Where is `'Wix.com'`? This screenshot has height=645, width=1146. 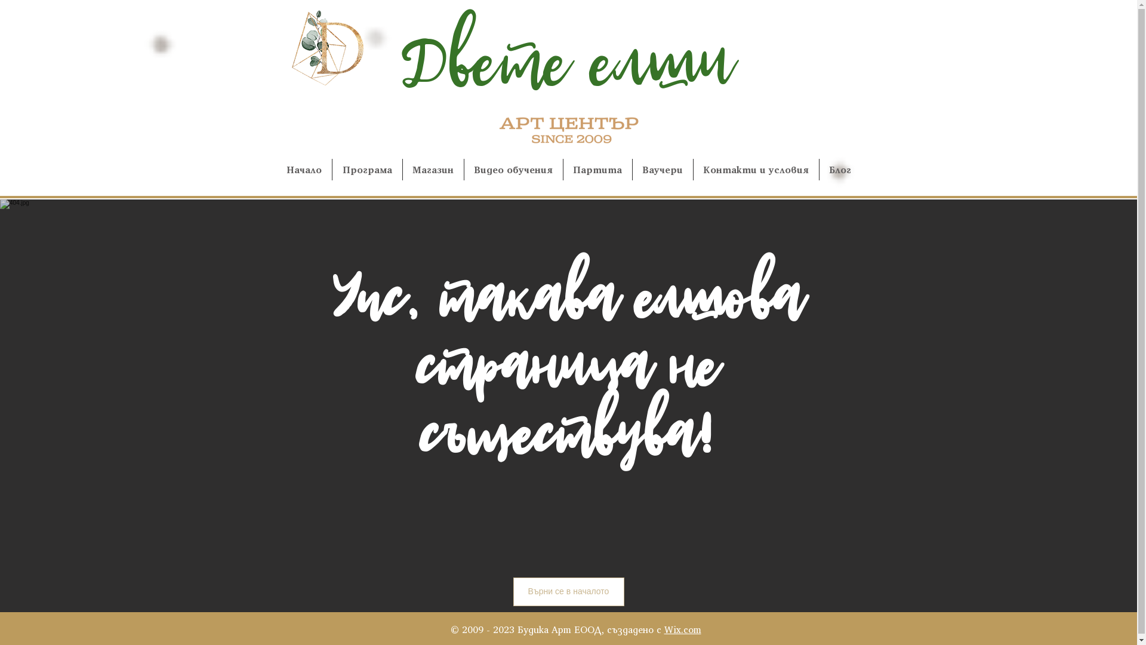
'Wix.com' is located at coordinates (682, 628).